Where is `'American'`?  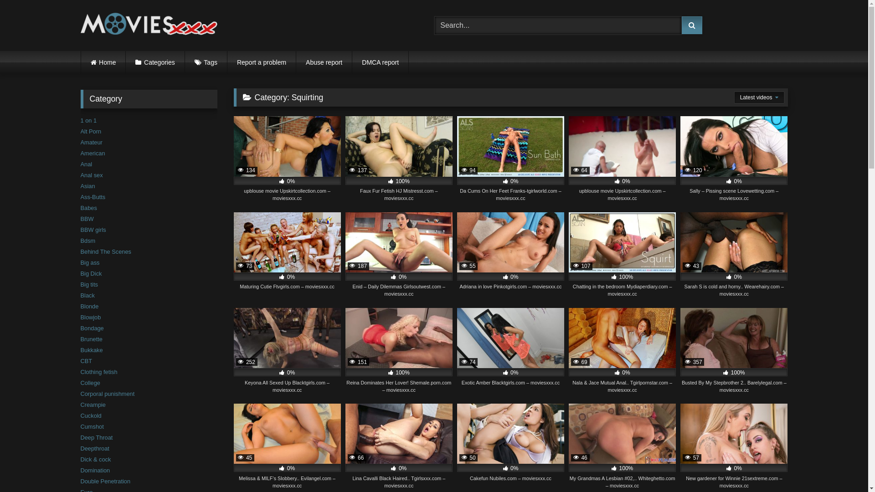 'American' is located at coordinates (92, 153).